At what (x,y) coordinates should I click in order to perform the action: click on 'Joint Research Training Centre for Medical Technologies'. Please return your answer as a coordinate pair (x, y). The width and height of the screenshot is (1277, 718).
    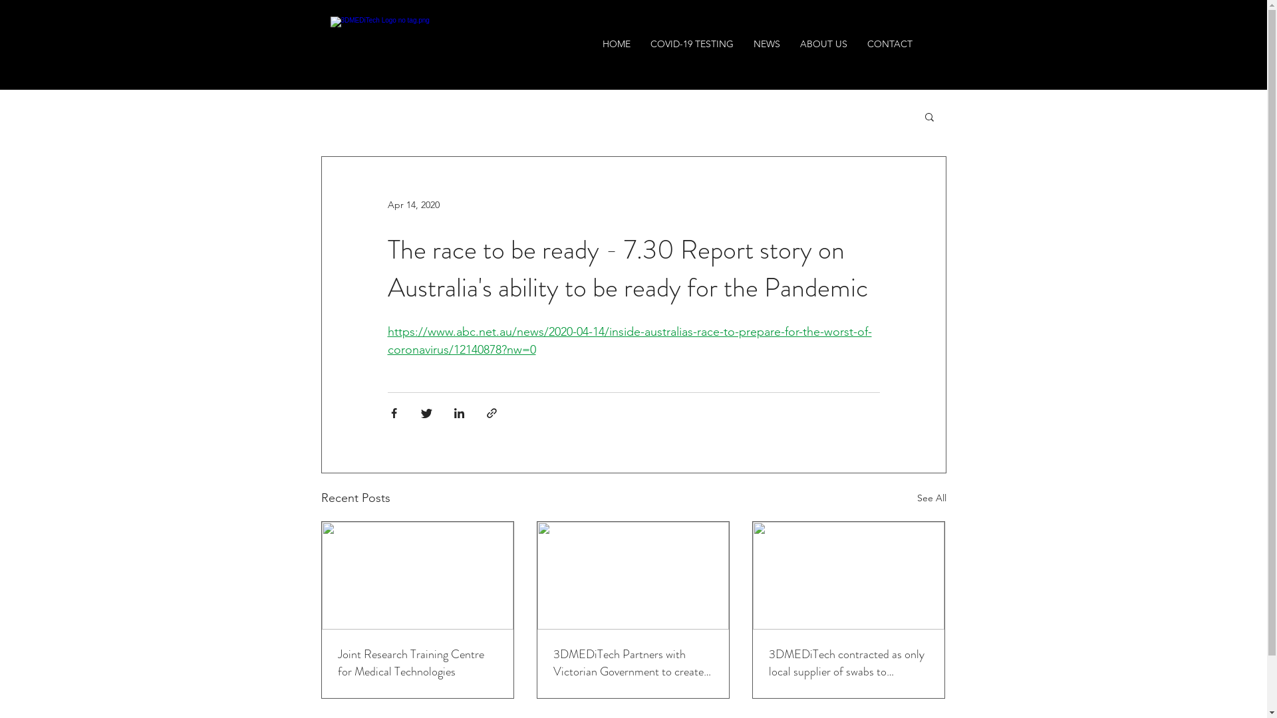
    Looking at the image, I should click on (417, 662).